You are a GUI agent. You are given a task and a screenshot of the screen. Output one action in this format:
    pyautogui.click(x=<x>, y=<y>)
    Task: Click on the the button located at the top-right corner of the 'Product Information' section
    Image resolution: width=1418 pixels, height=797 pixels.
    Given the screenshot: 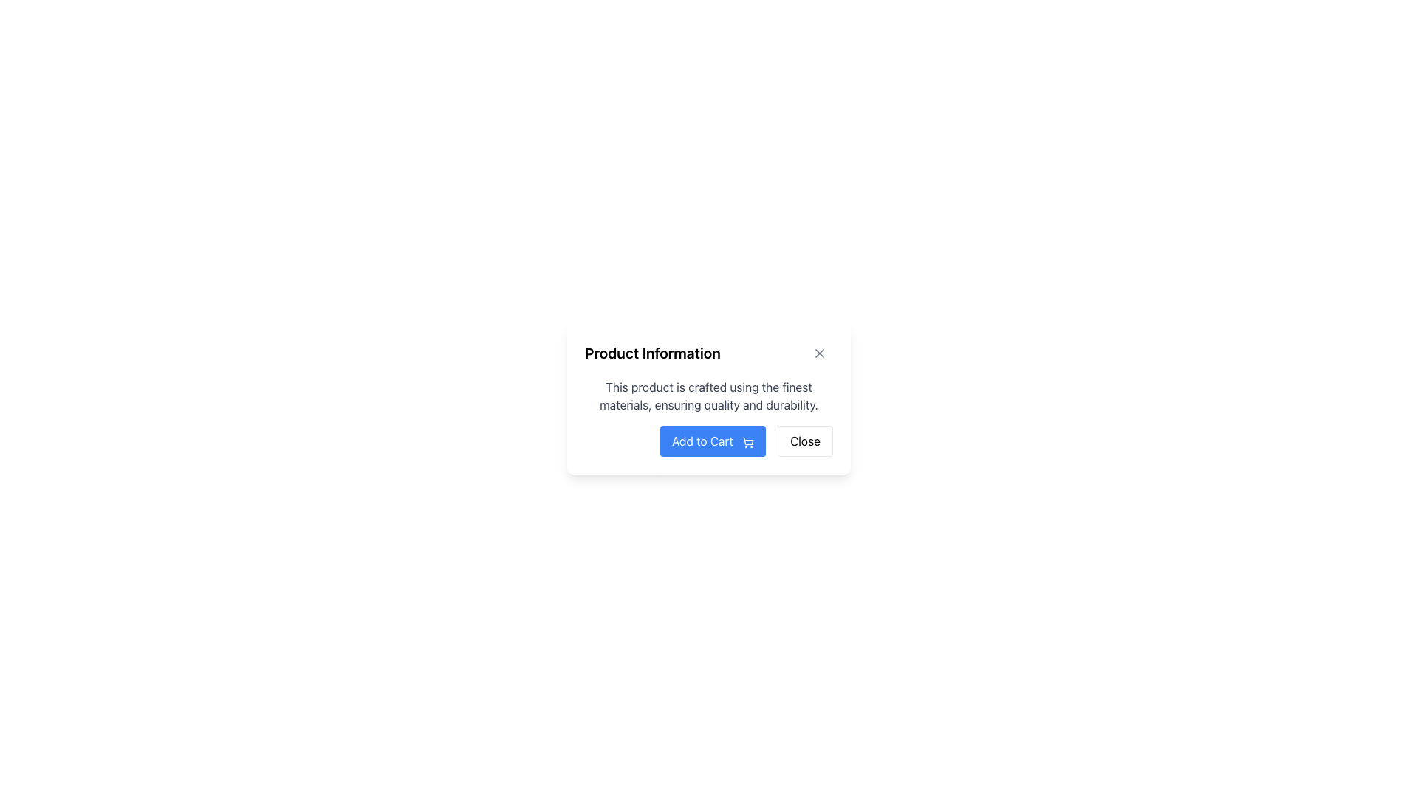 What is the action you would take?
    pyautogui.click(x=818, y=353)
    